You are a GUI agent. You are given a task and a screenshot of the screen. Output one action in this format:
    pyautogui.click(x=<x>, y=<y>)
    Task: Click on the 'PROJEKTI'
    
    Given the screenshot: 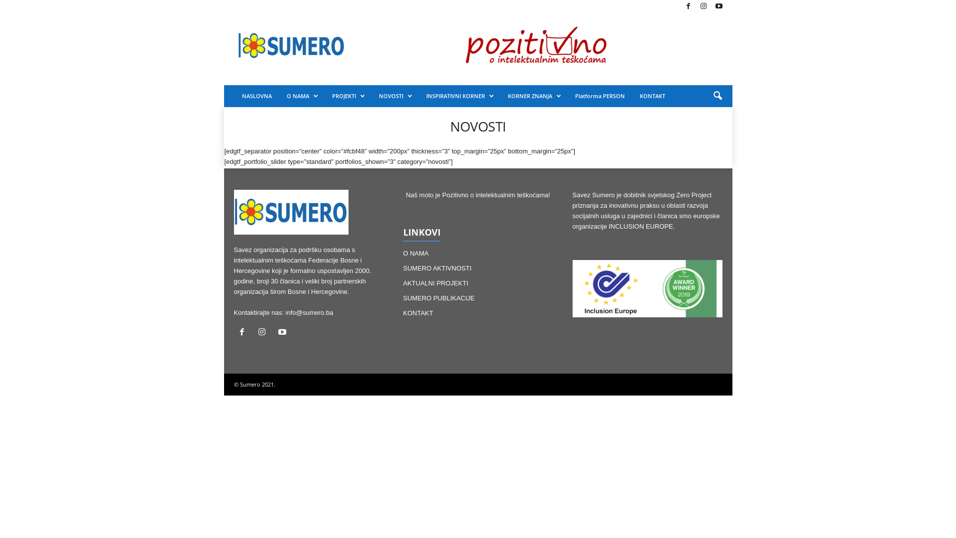 What is the action you would take?
    pyautogui.click(x=348, y=96)
    